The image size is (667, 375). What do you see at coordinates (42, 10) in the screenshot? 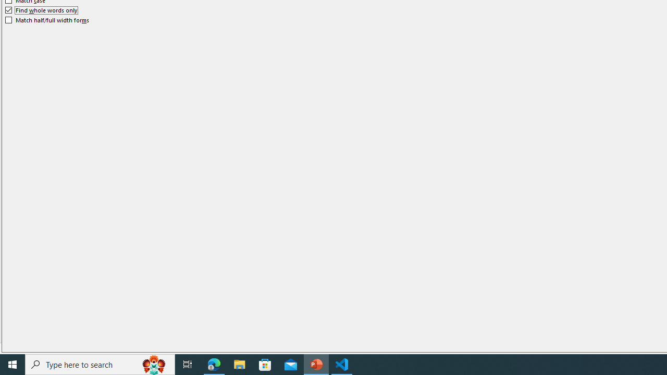
I see `'Find whole words only'` at bounding box center [42, 10].